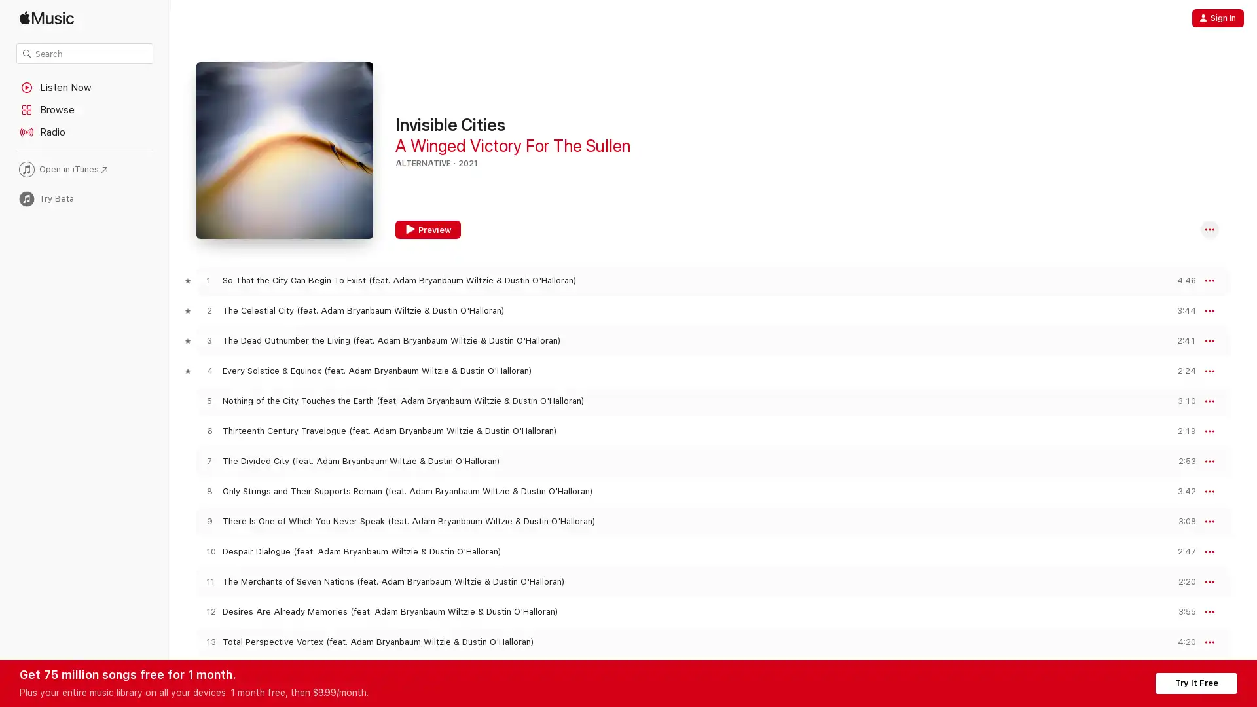  What do you see at coordinates (208, 310) in the screenshot?
I see `Play` at bounding box center [208, 310].